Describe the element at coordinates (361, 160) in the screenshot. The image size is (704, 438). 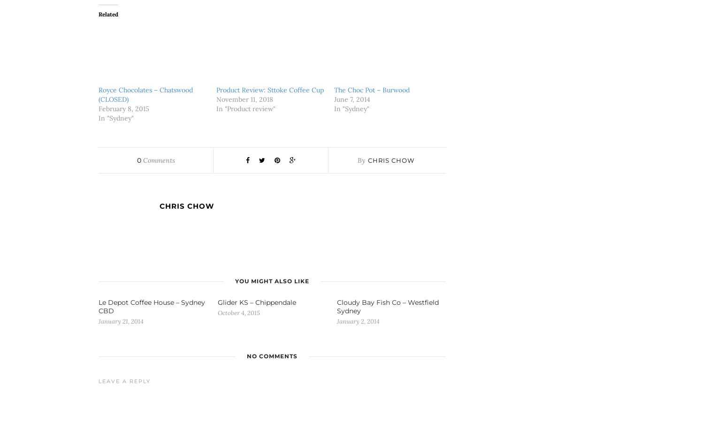
I see `'By'` at that location.